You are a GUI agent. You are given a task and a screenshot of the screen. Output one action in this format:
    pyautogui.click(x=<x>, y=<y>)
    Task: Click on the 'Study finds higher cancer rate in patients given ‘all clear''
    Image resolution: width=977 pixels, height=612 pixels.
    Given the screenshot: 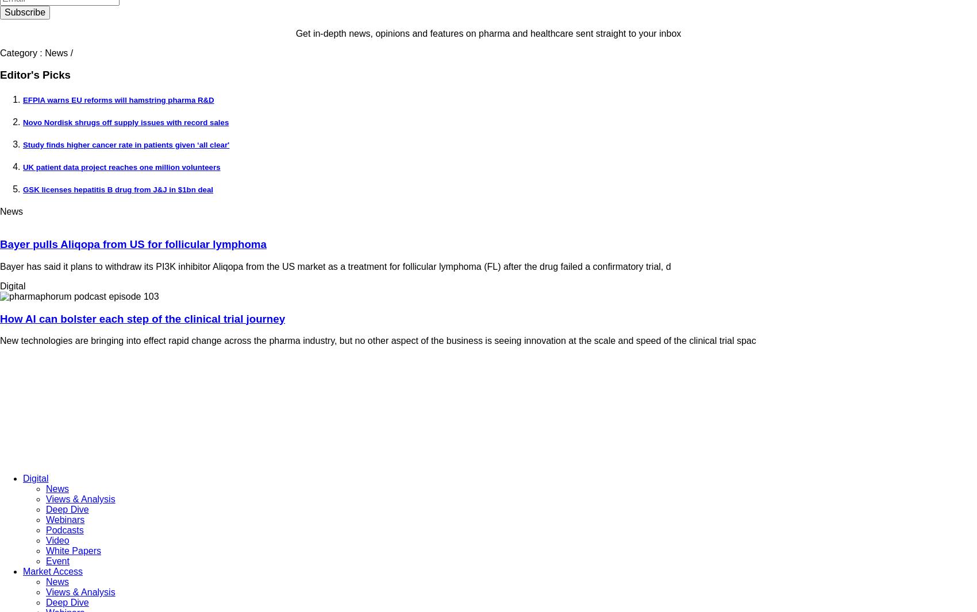 What is the action you would take?
    pyautogui.click(x=22, y=144)
    